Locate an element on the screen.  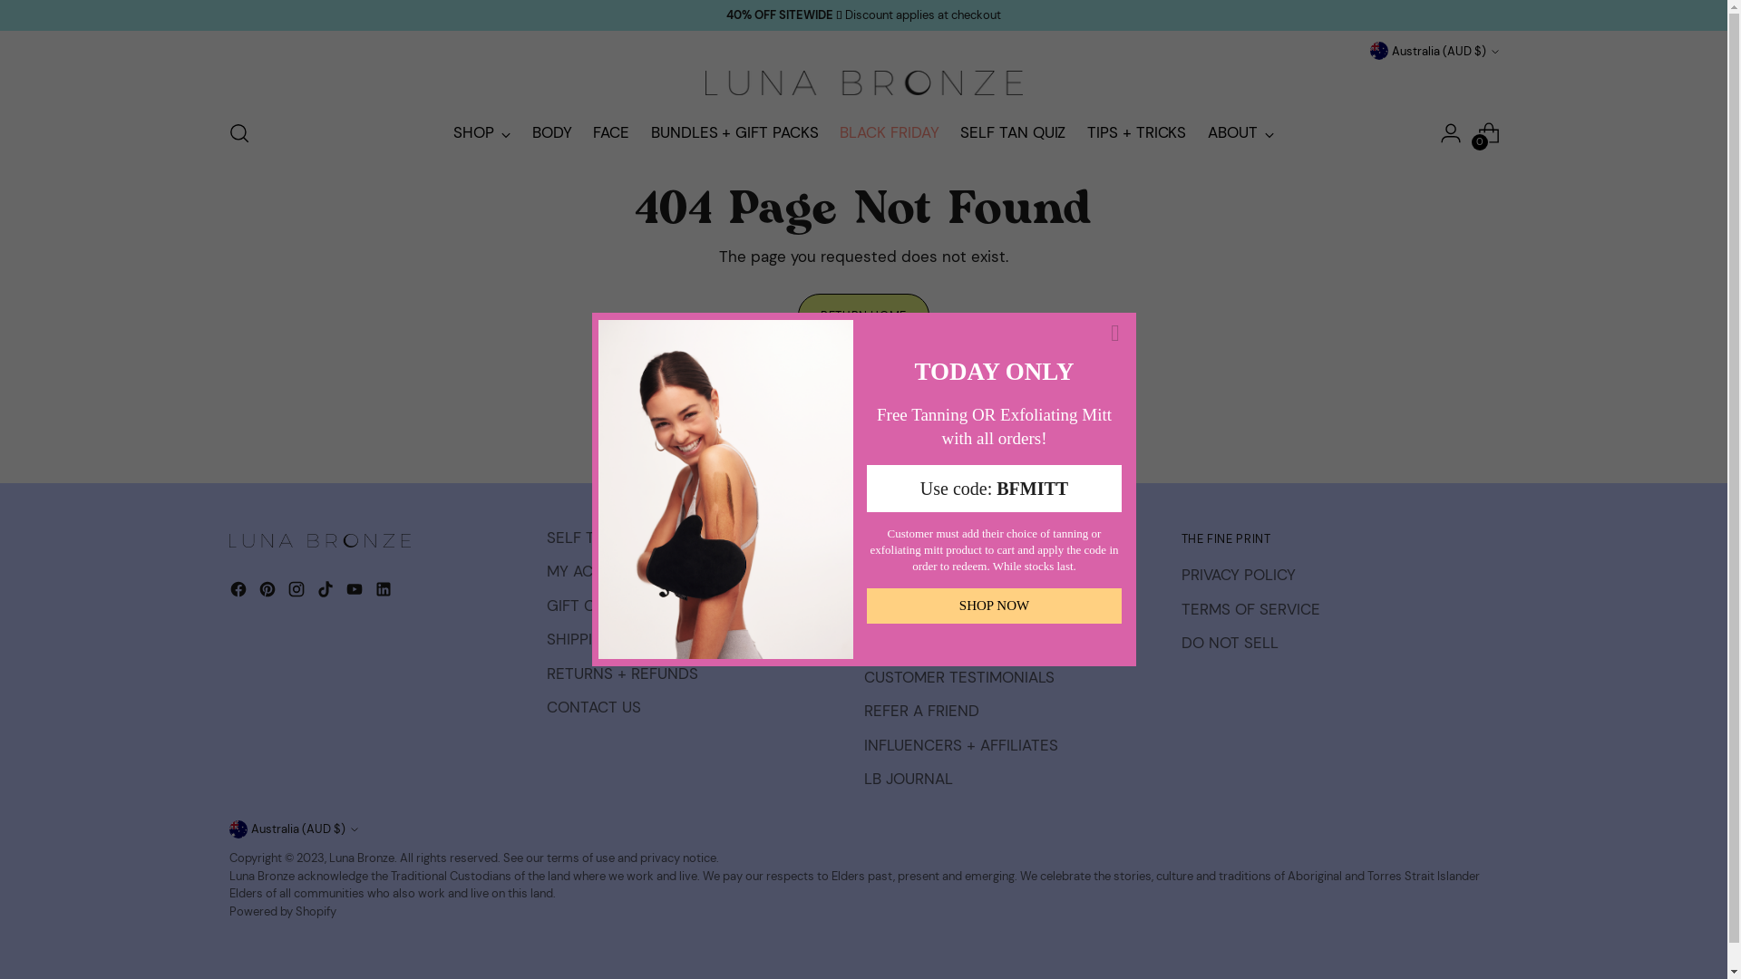
'INFLUENCERS + AFFILIATES' is located at coordinates (959, 744).